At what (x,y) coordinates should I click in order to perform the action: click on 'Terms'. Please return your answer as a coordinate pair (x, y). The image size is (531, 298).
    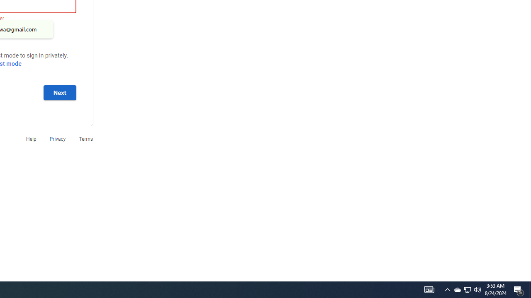
    Looking at the image, I should click on (86, 138).